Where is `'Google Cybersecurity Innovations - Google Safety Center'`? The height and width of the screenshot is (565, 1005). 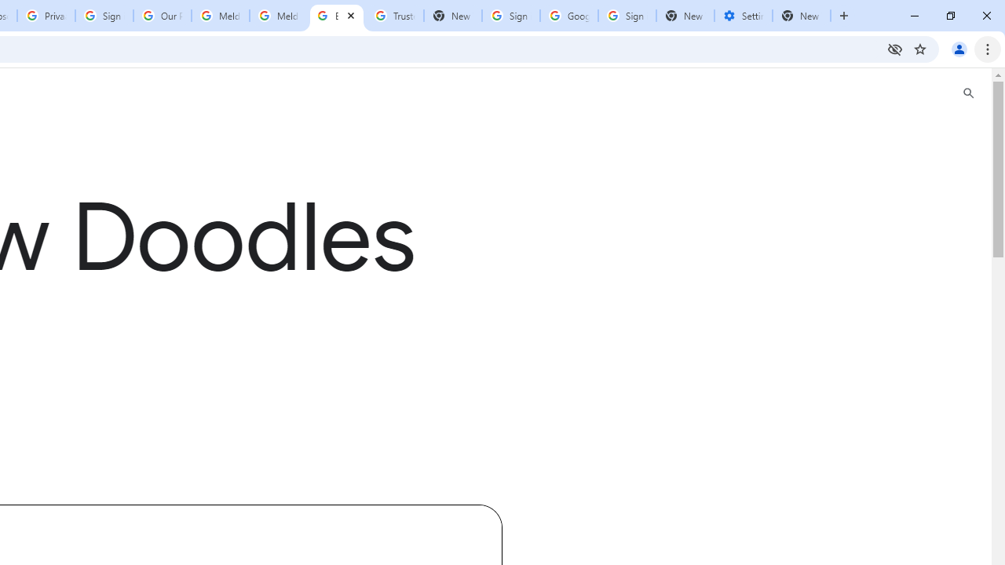 'Google Cybersecurity Innovations - Google Safety Center' is located at coordinates (568, 16).